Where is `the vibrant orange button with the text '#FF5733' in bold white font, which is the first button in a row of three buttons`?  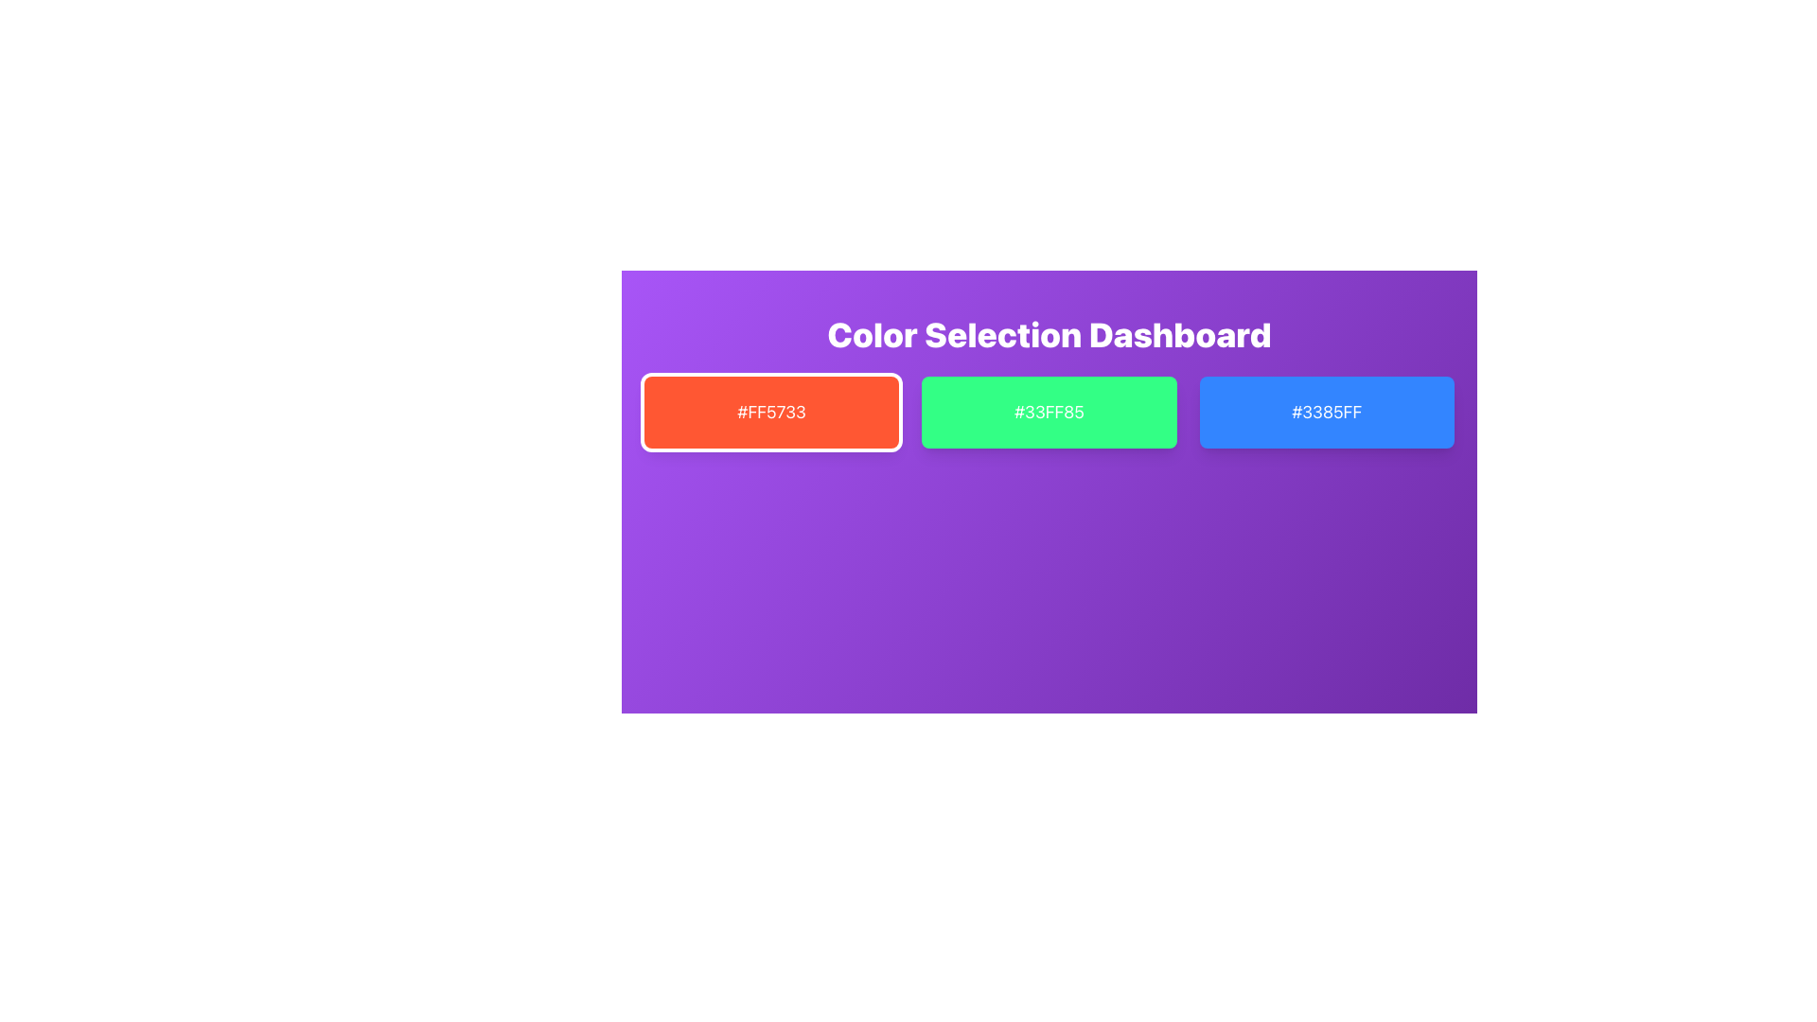
the vibrant orange button with the text '#FF5733' in bold white font, which is the first button in a row of three buttons is located at coordinates (771, 411).